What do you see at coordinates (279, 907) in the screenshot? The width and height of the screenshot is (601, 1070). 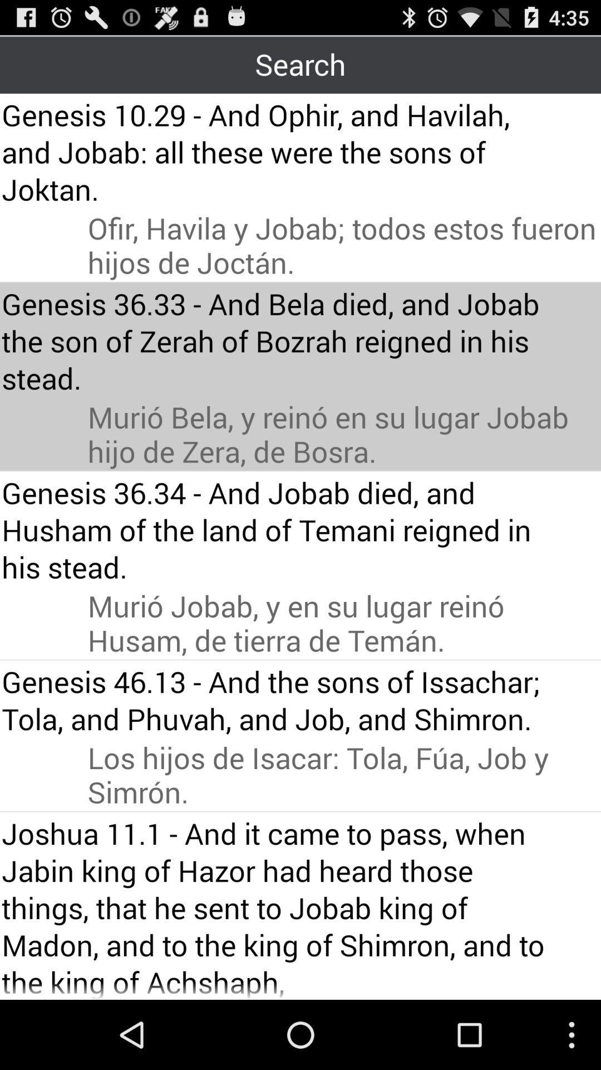 I see `item below los hijos de item` at bounding box center [279, 907].